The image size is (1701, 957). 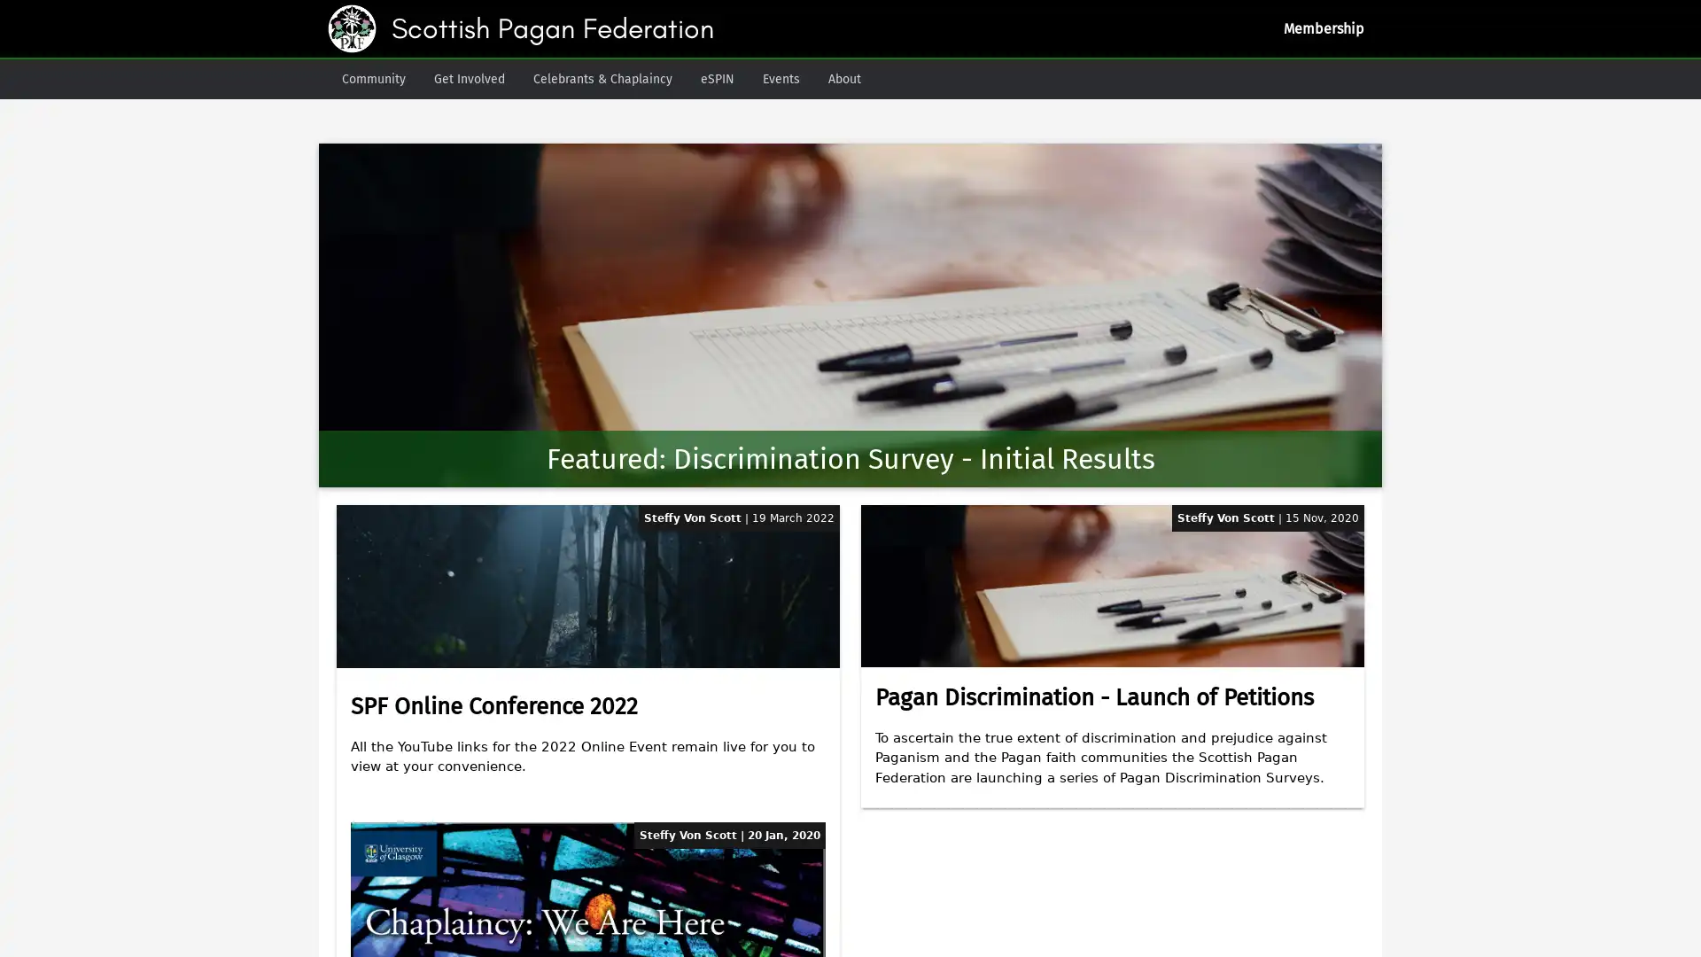 What do you see at coordinates (718, 78) in the screenshot?
I see `eSPIN` at bounding box center [718, 78].